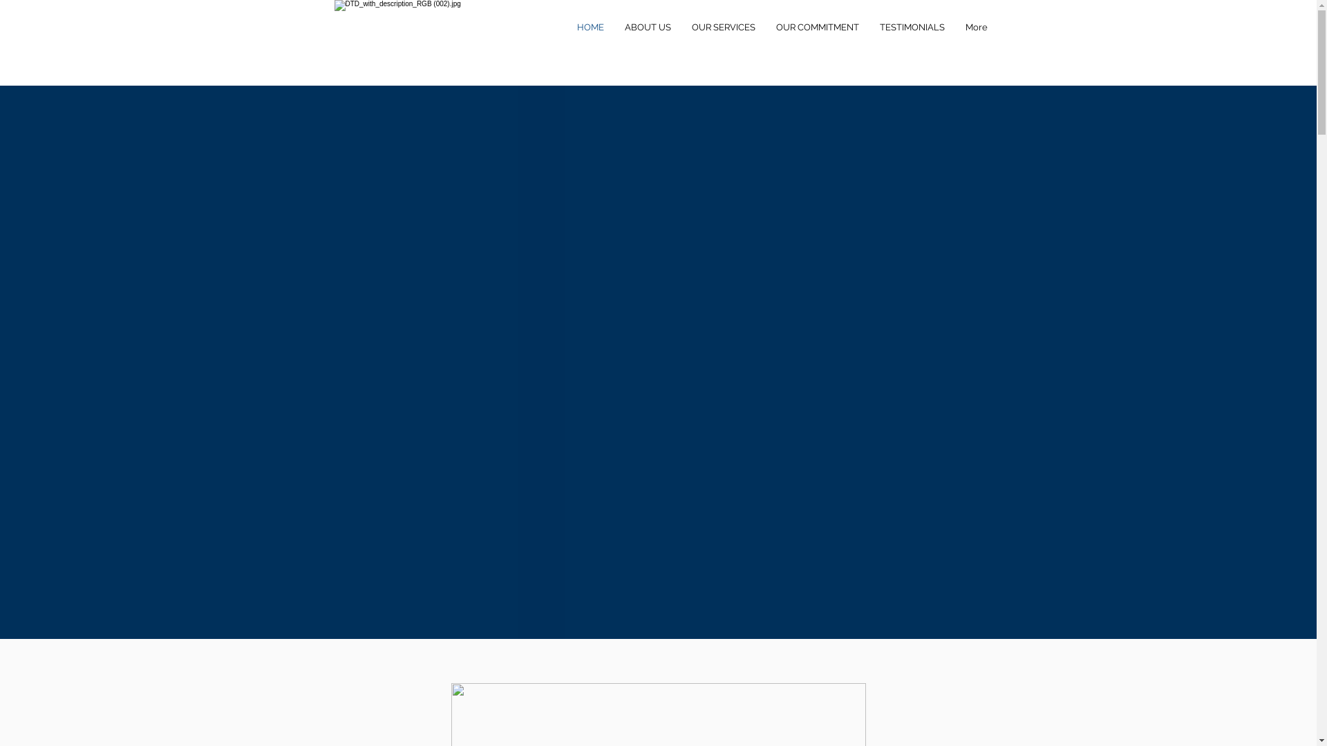 The width and height of the screenshot is (1327, 746). What do you see at coordinates (567, 27) in the screenshot?
I see `'HOME'` at bounding box center [567, 27].